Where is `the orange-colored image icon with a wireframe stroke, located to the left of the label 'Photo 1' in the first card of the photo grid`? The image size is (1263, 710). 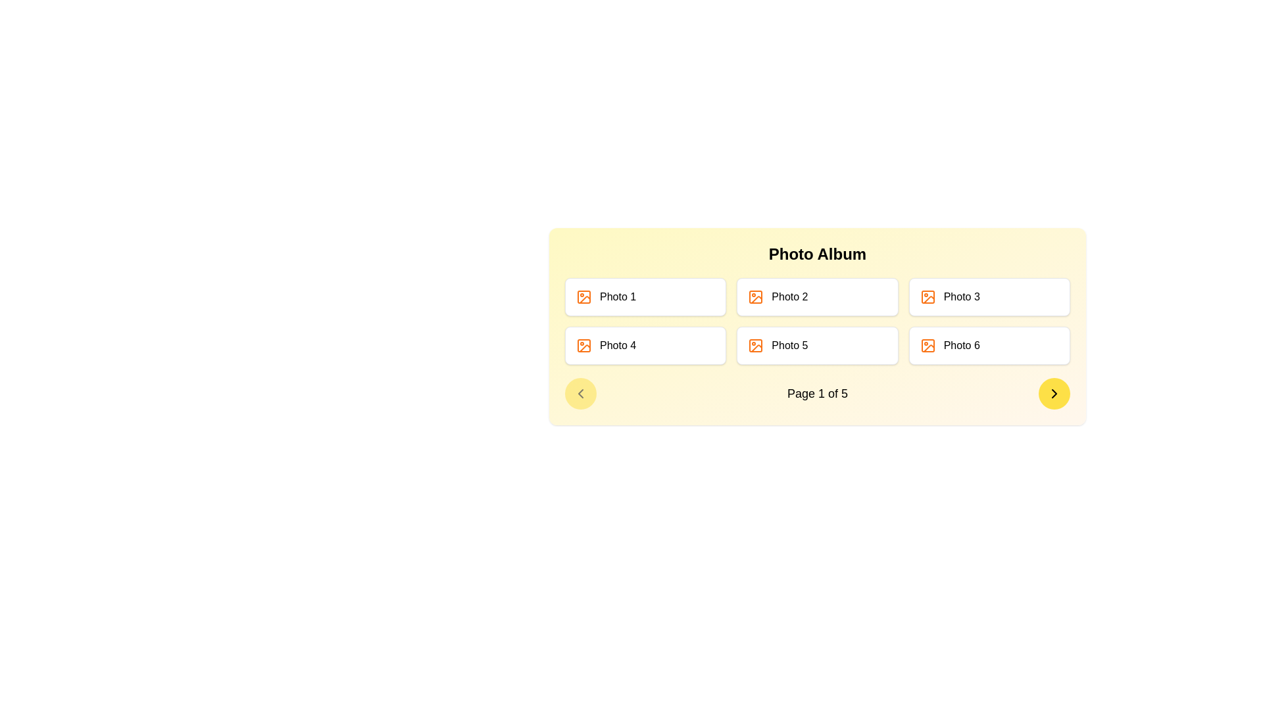 the orange-colored image icon with a wireframe stroke, located to the left of the label 'Photo 1' in the first card of the photo grid is located at coordinates (583, 296).